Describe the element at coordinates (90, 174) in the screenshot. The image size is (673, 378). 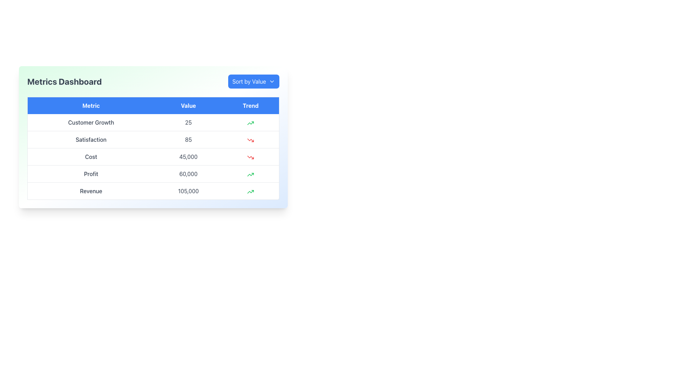
I see `the label in the 'Metric' column of the fourth row in the metrics dashboard, which precedes the text '60,000'` at that location.